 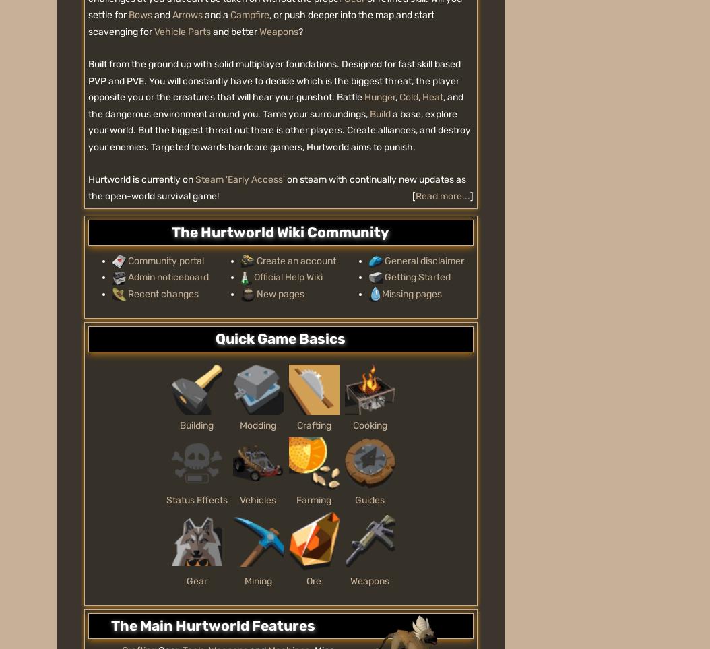 What do you see at coordinates (300, 368) in the screenshot?
I see `'Help'` at bounding box center [300, 368].